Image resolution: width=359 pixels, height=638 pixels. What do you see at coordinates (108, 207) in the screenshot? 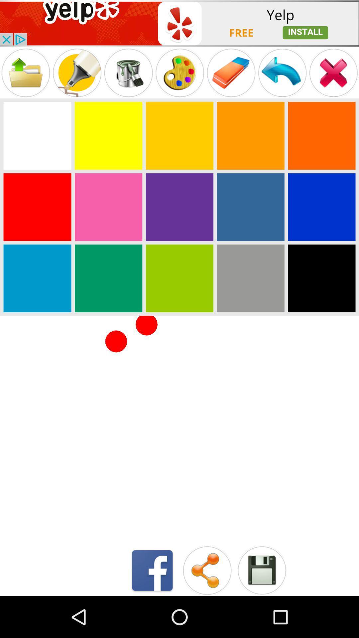
I see `use this colour` at bounding box center [108, 207].